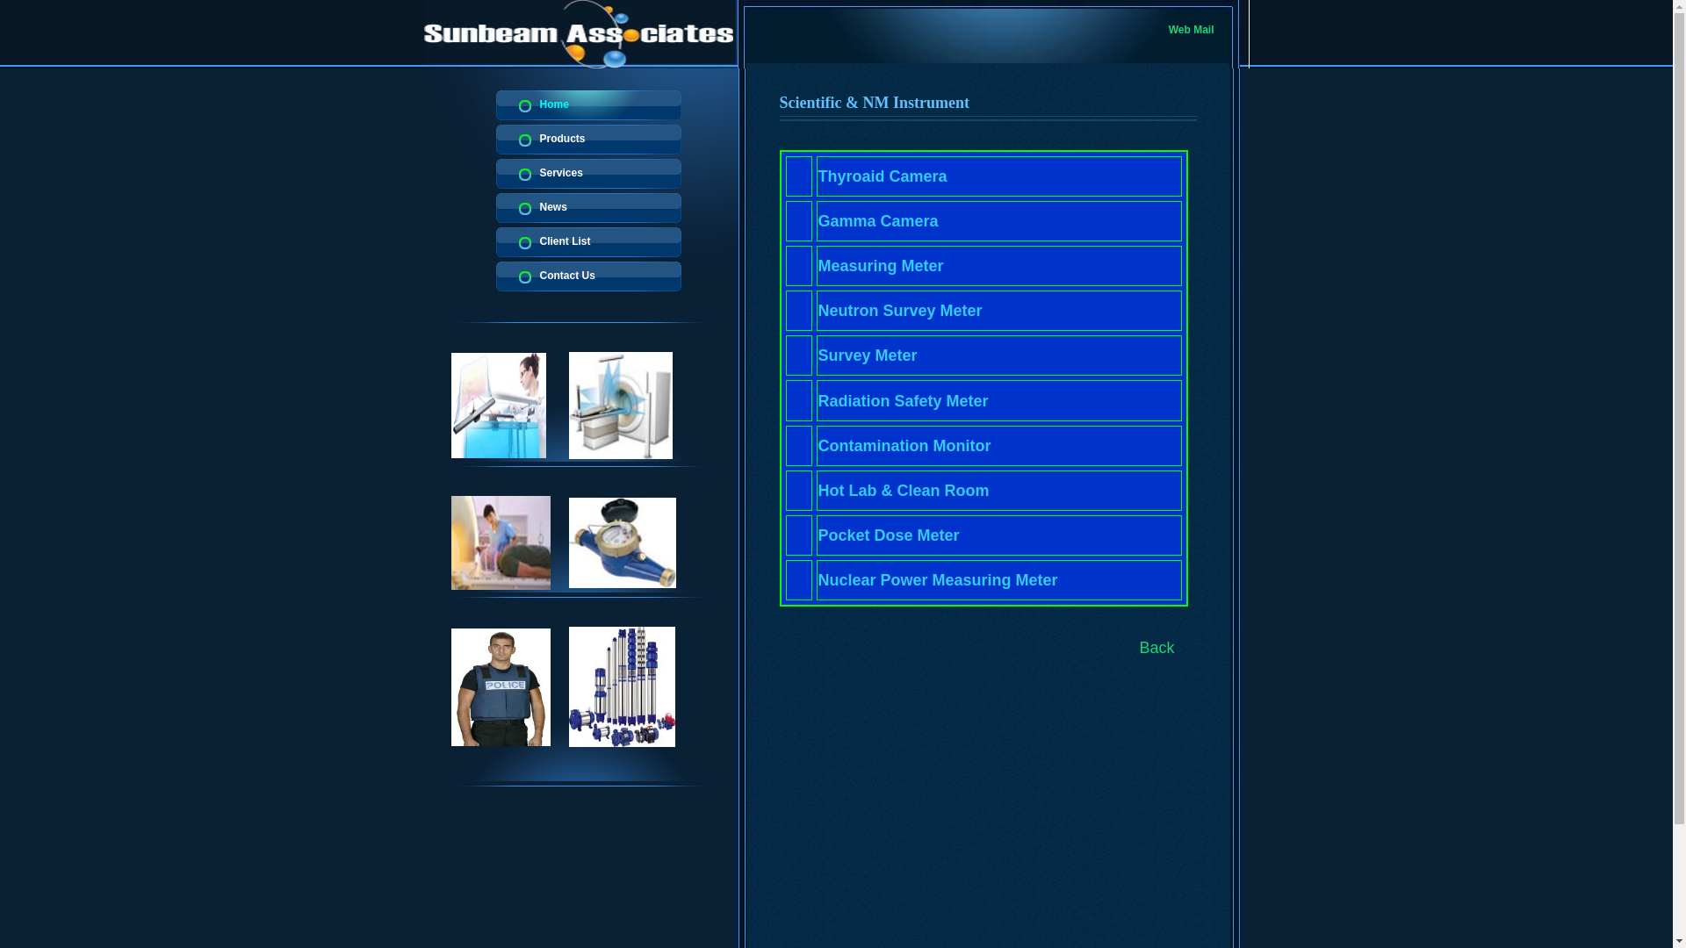  I want to click on 'Services', so click(587, 173).